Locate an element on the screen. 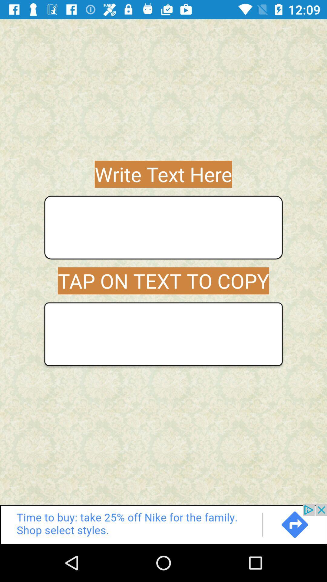  write text is located at coordinates (163, 227).